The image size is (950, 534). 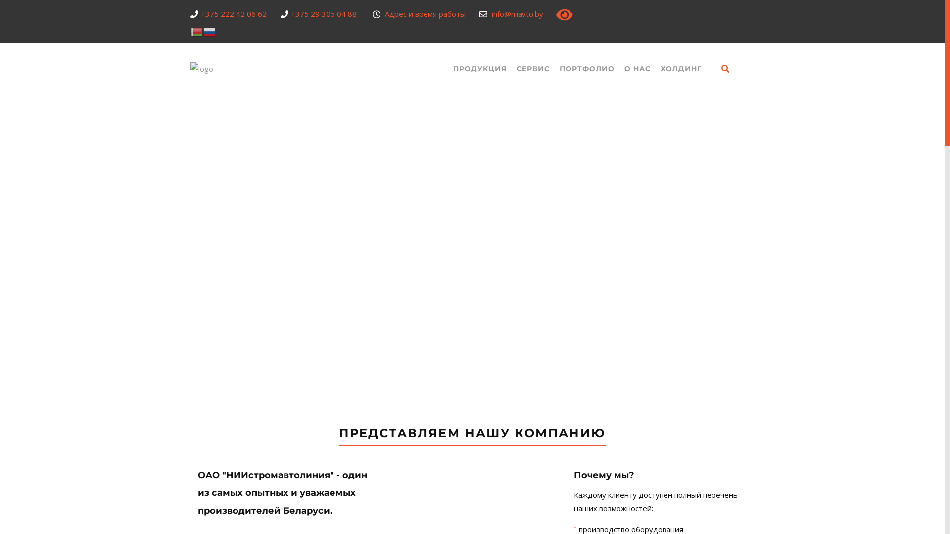 I want to click on '+375 222 42 06 62', so click(x=623, y=406).